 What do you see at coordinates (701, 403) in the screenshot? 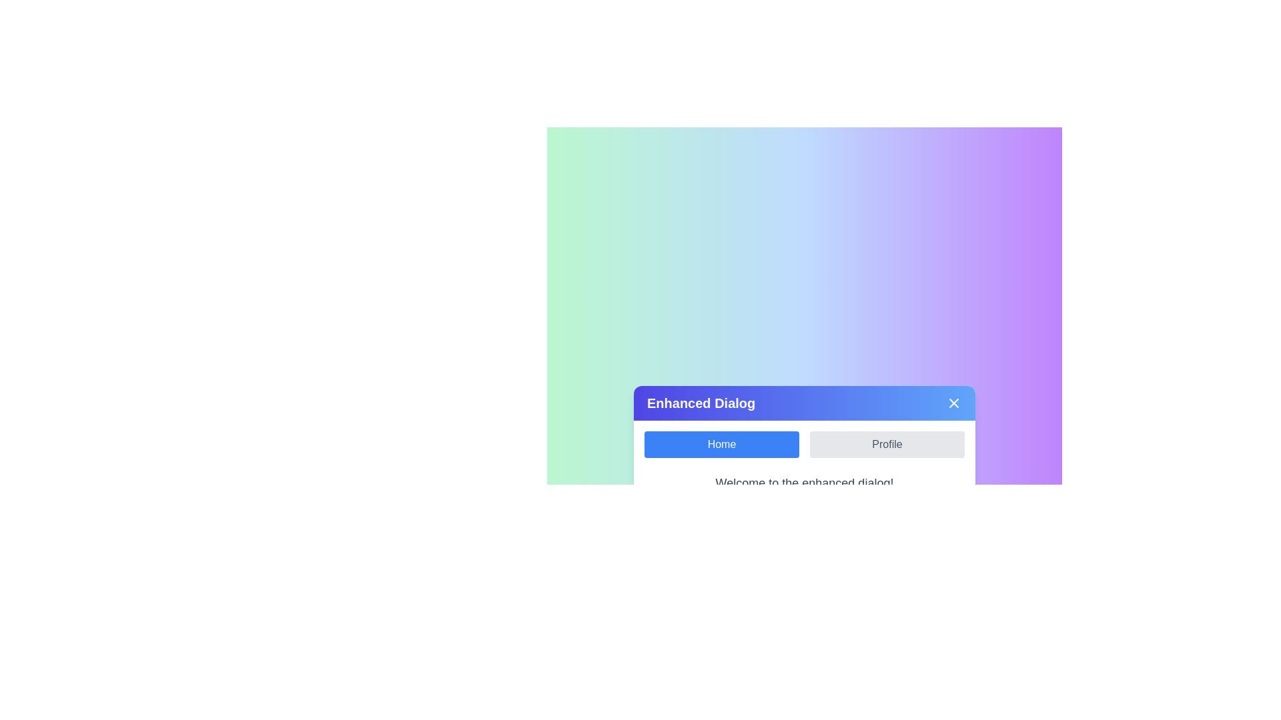
I see `the Text label at the top left of the dialog box` at bounding box center [701, 403].